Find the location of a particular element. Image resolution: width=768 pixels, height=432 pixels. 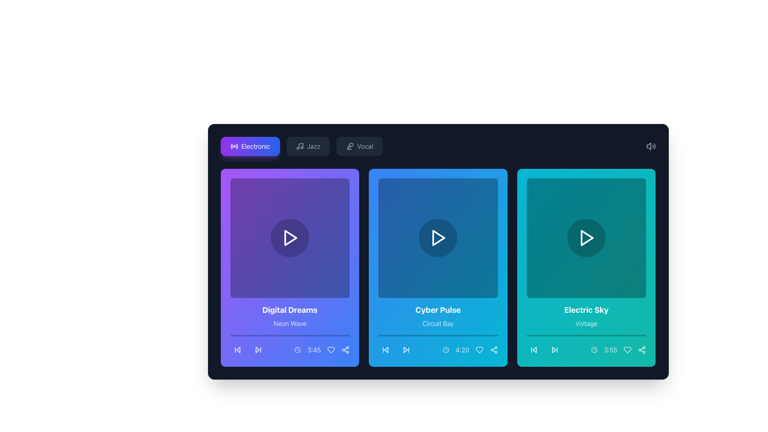

progress bar located below the 'Electric Sky' track, specifically under the 'Voltage' subtitle, which currently shows zero progress is located at coordinates (586, 335).